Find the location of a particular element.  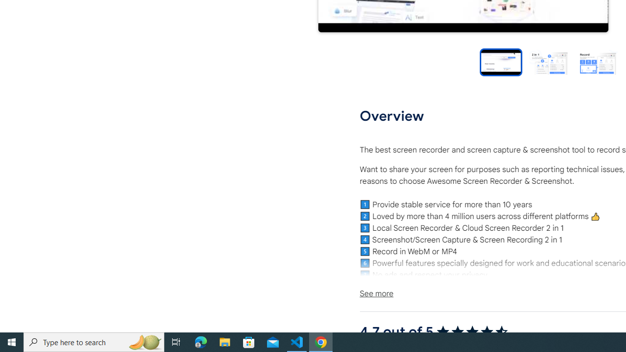

'Start' is located at coordinates (12, 341).